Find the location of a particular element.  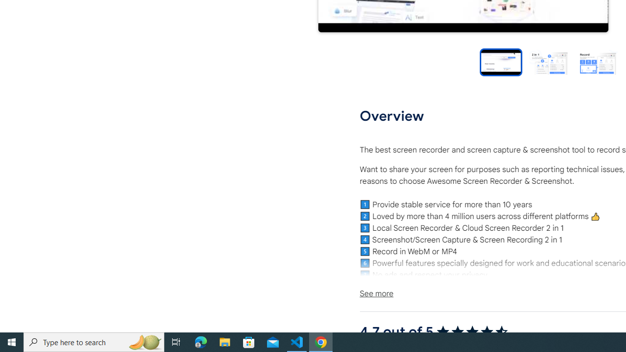

'Start' is located at coordinates (12, 341).